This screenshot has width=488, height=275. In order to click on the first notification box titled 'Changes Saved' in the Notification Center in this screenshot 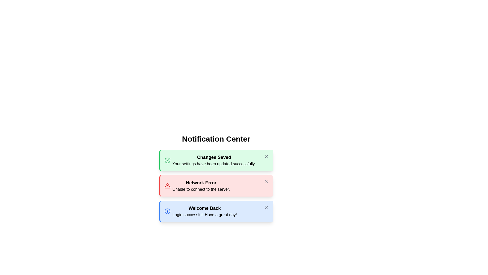, I will do `click(216, 160)`.